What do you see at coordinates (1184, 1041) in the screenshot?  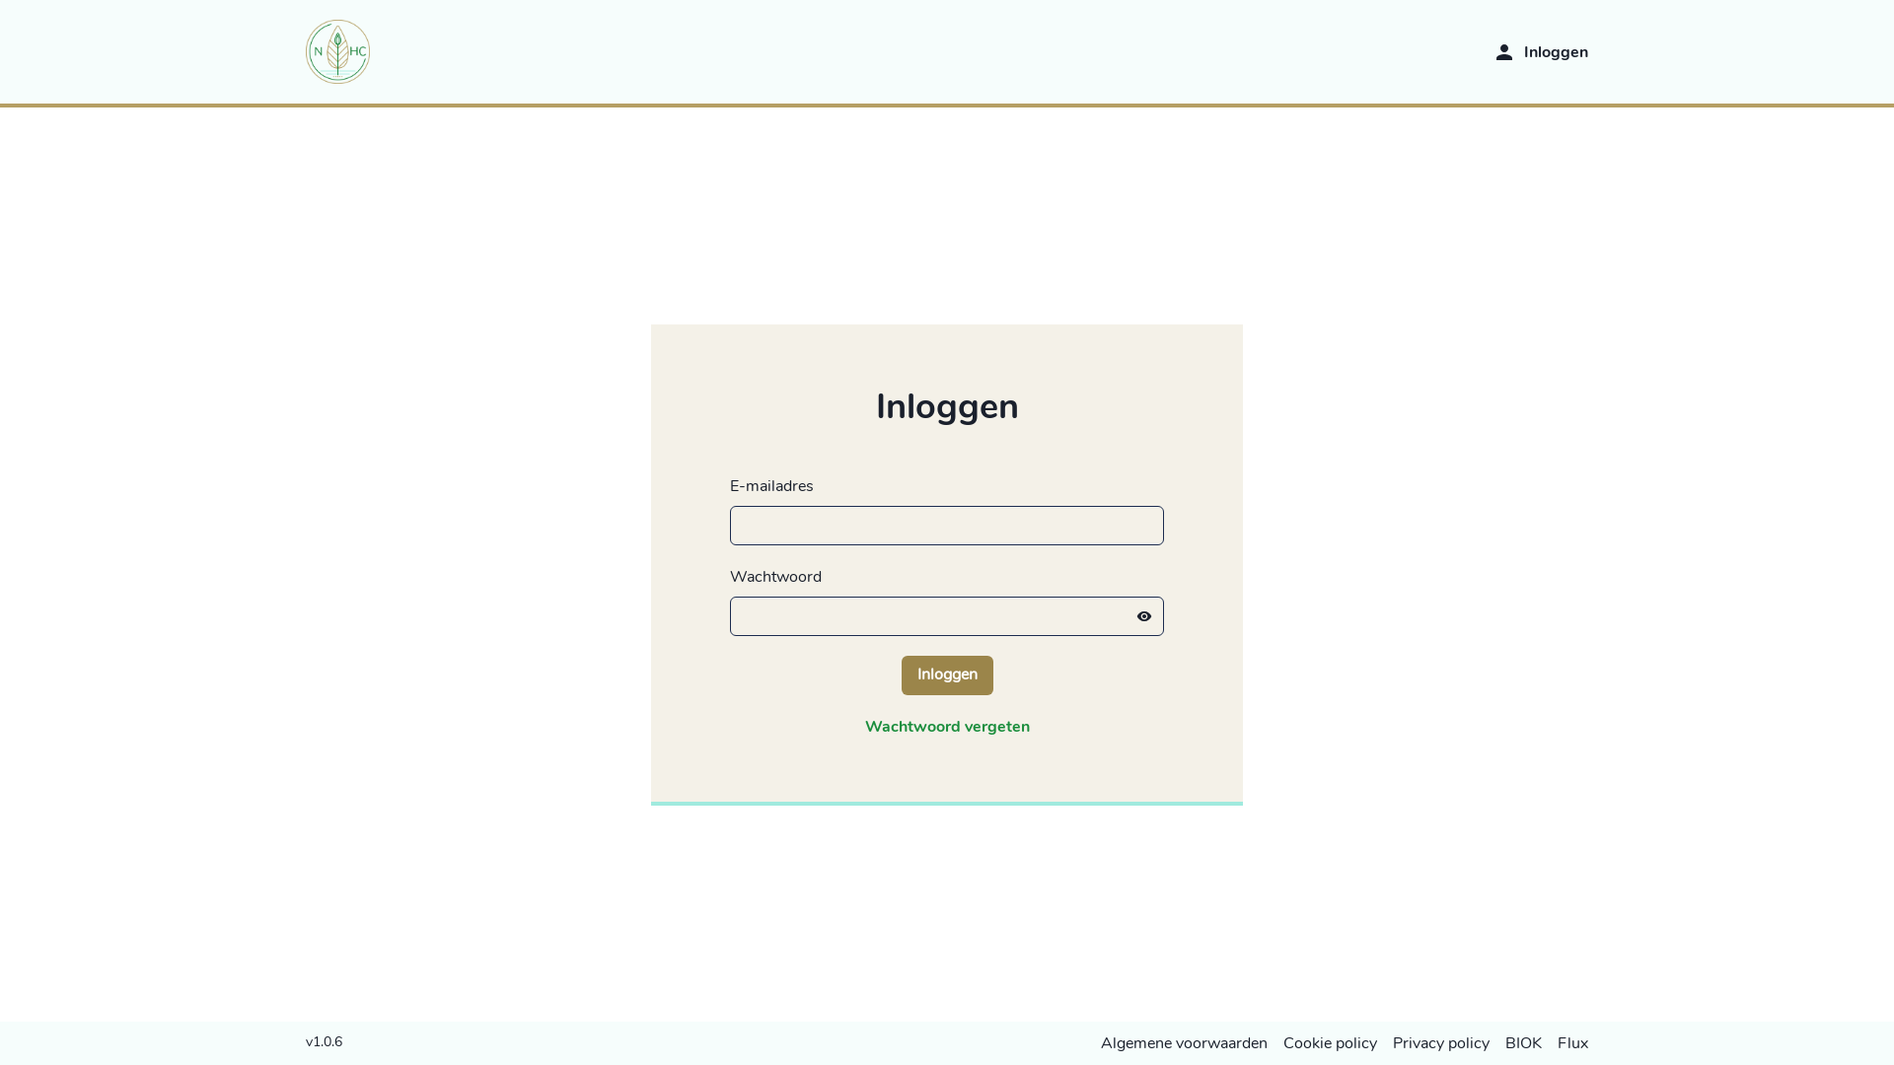 I see `'Algemene voorwaarden'` at bounding box center [1184, 1041].